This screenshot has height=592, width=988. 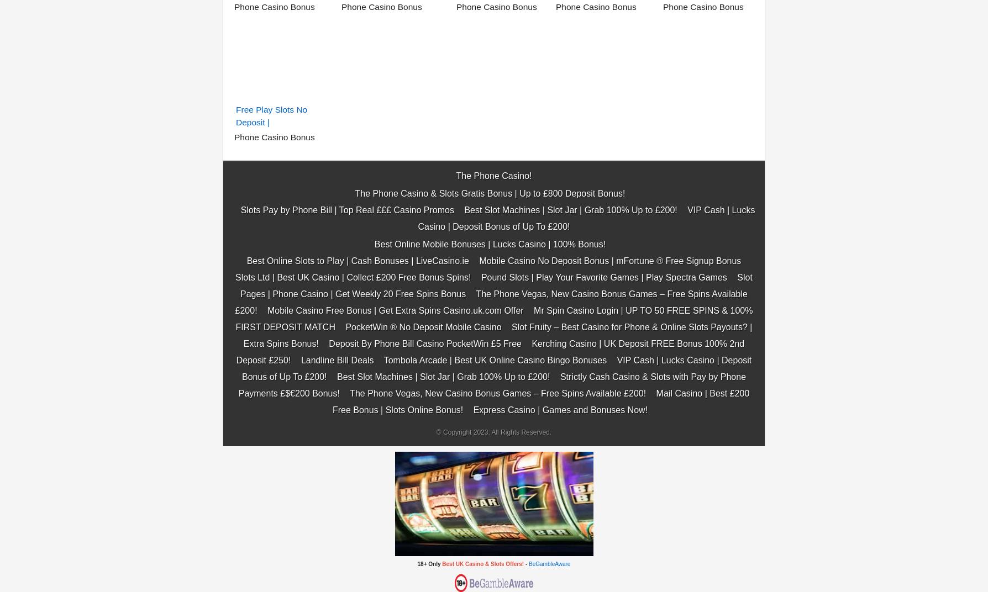 I want to click on 'Deposit By Phone Bill Casino PocketWin  £5 Free', so click(x=329, y=205).